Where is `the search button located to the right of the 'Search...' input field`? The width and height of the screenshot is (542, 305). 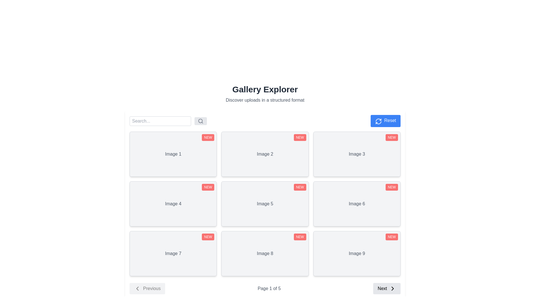 the search button located to the right of the 'Search...' input field is located at coordinates (200, 121).